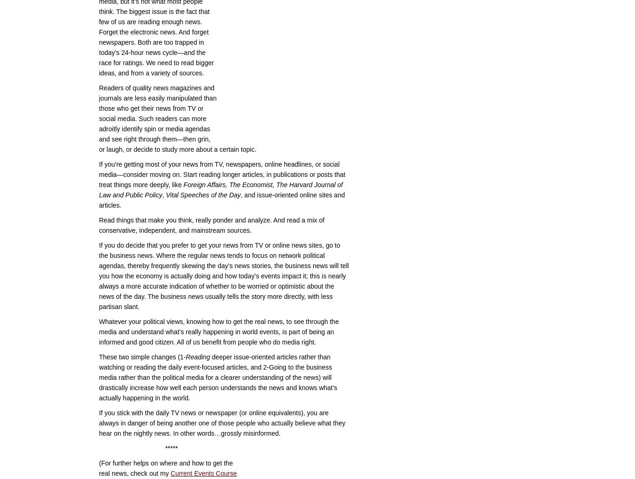 Image resolution: width=635 pixels, height=479 pixels. Describe the element at coordinates (98, 200) in the screenshot. I see `', and issue-oriented online sites and articles.'` at that location.